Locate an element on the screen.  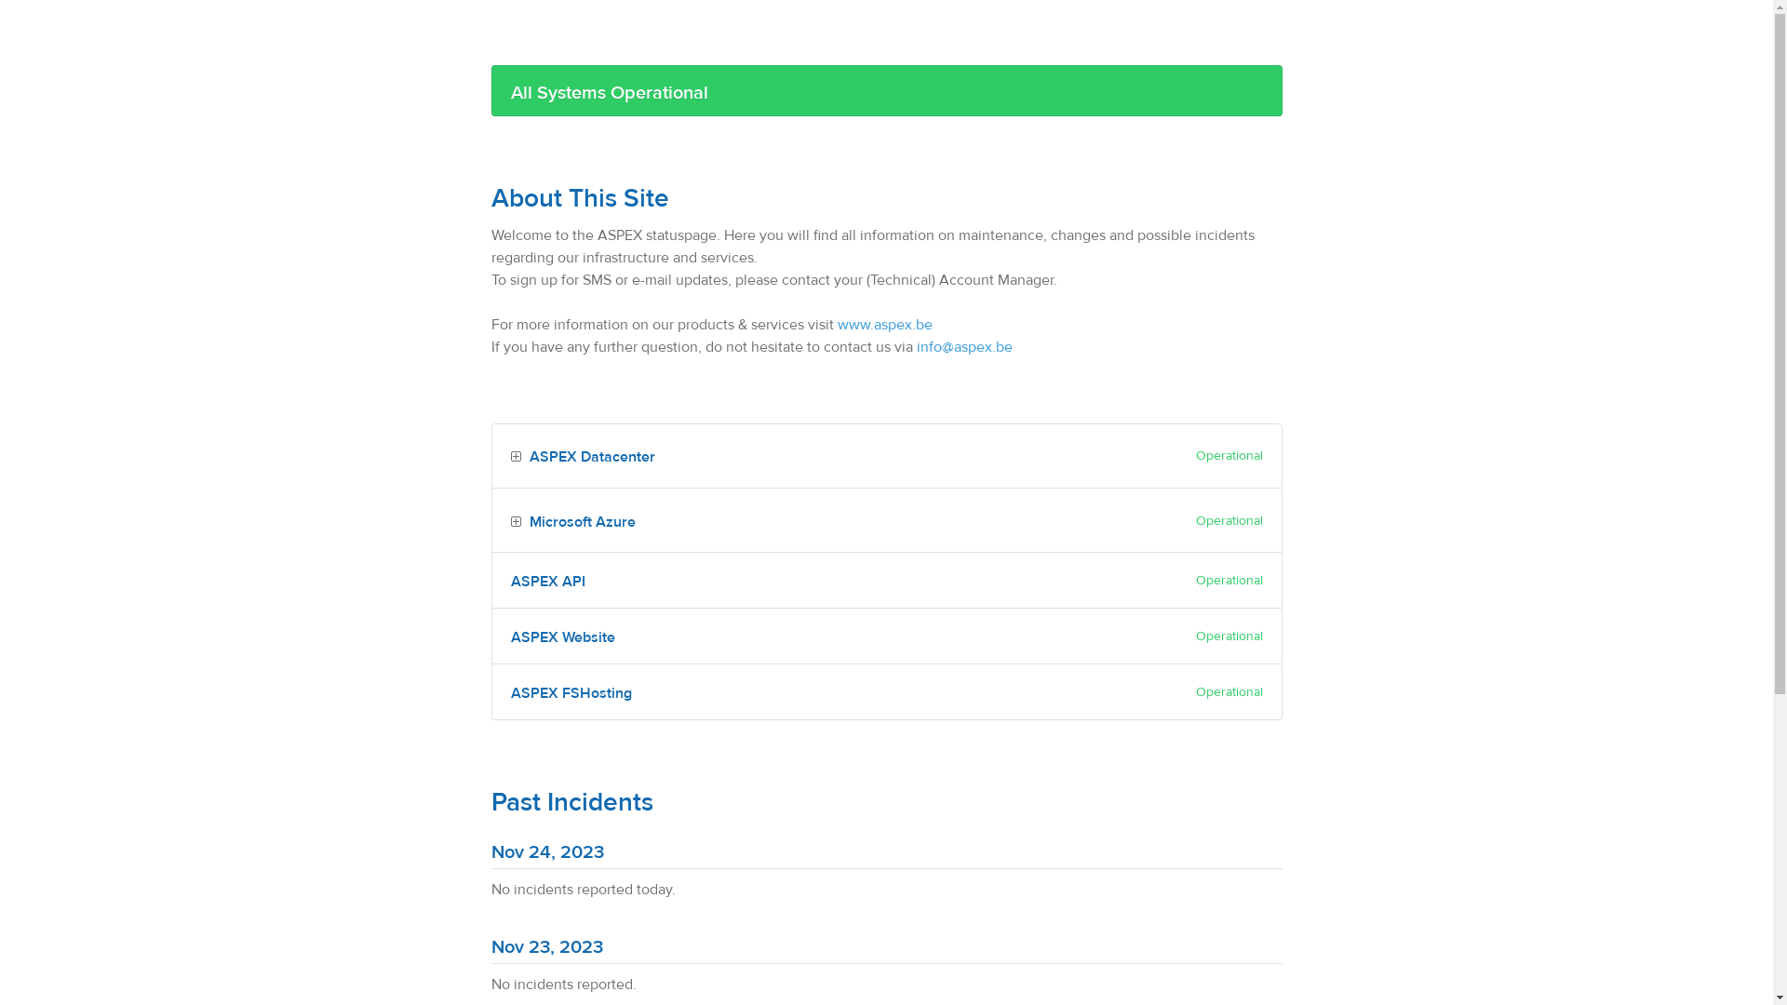
'Past Incidents' is located at coordinates (571, 801).